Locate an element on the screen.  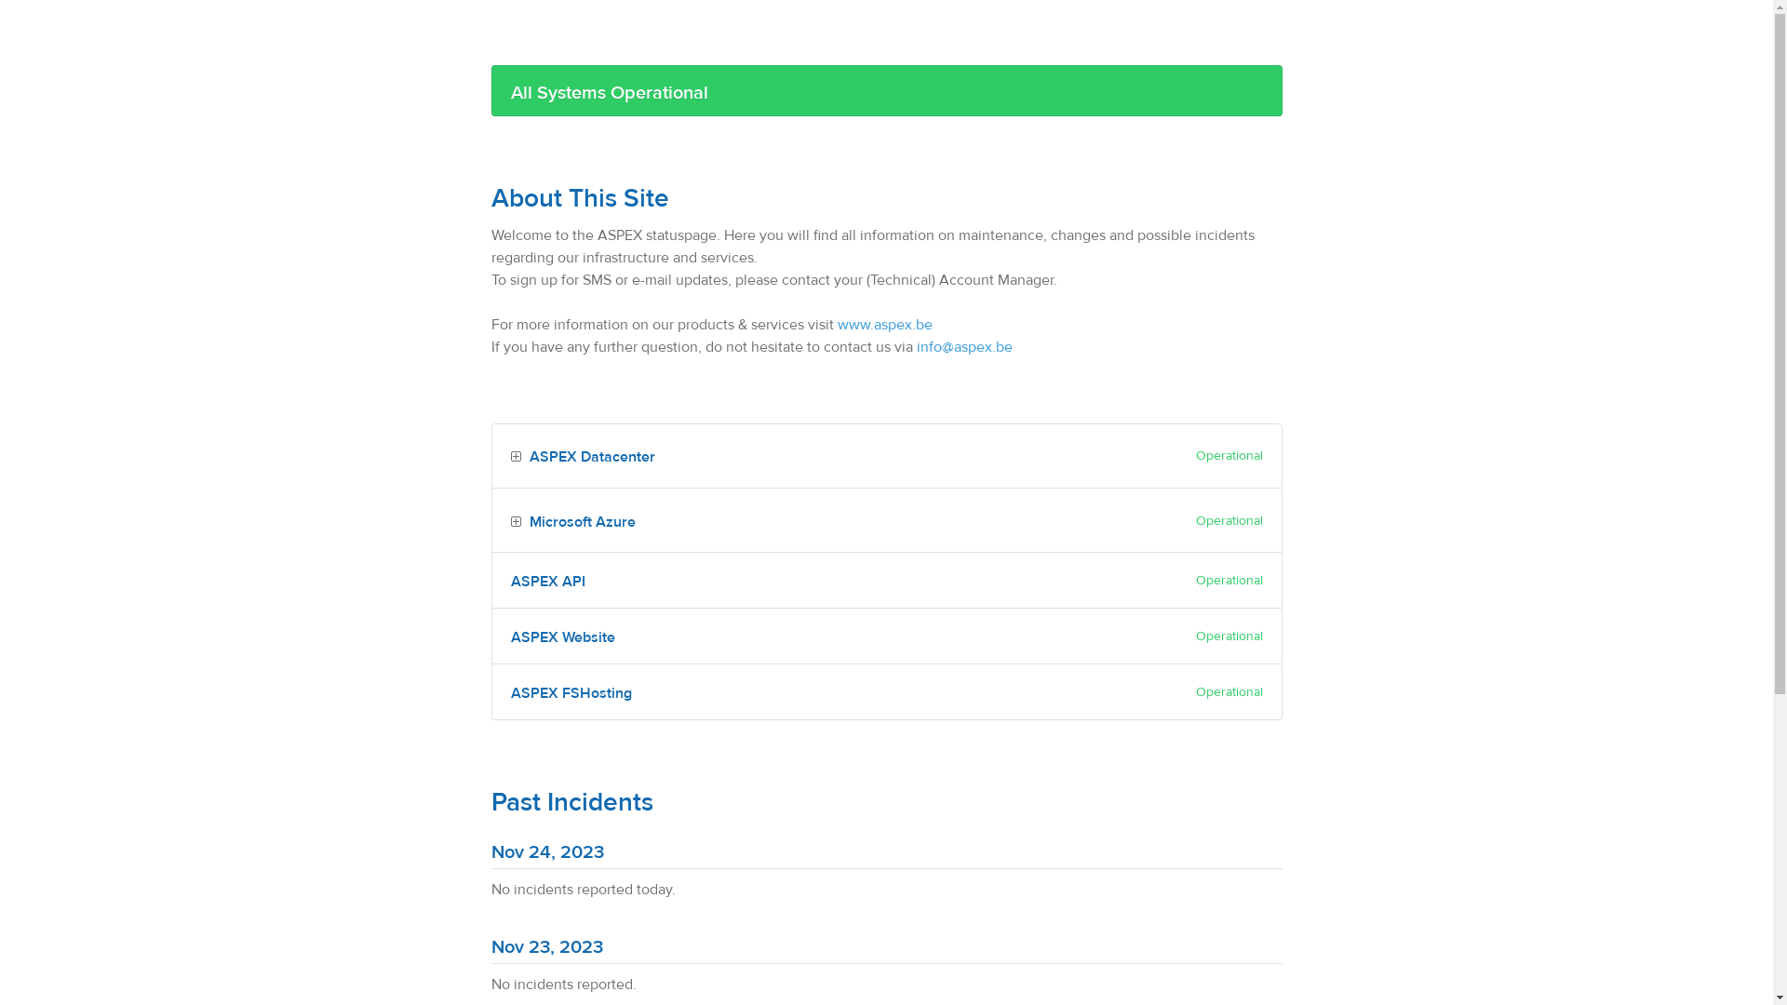
'Past Incidents' is located at coordinates (571, 801).